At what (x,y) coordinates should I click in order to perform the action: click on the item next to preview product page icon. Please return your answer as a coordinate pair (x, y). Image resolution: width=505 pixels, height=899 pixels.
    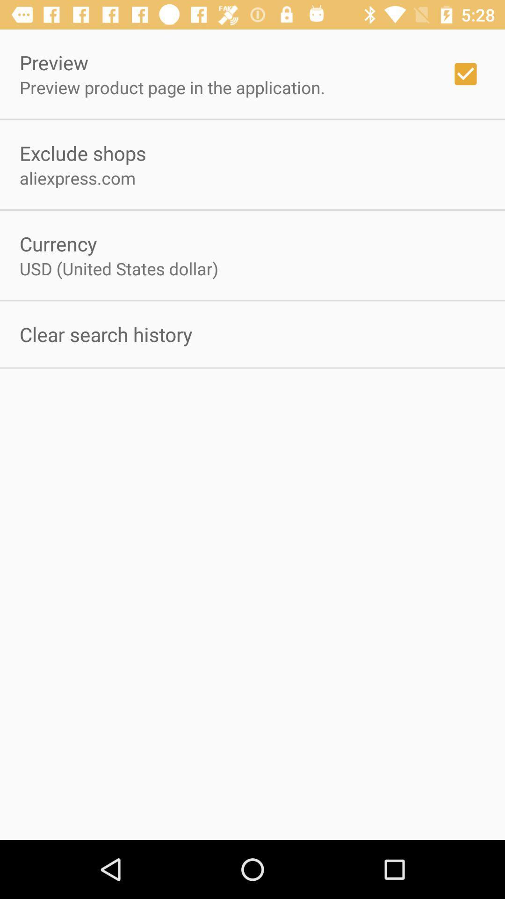
    Looking at the image, I should click on (465, 74).